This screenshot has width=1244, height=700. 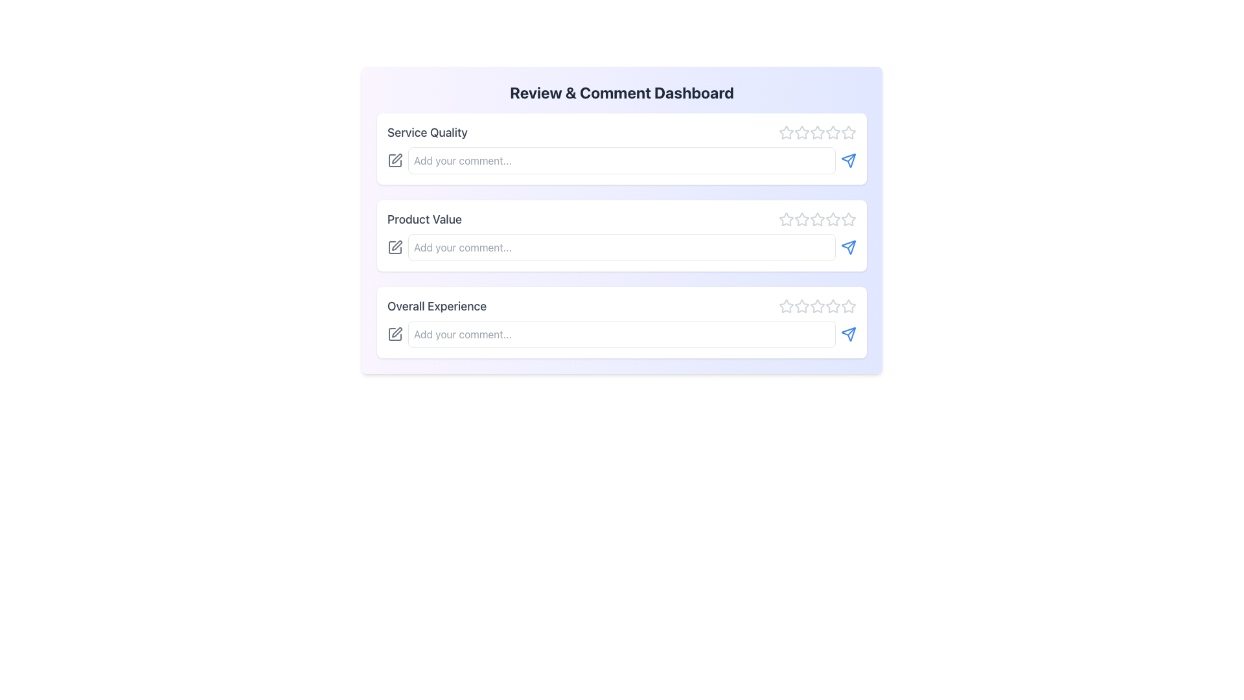 What do you see at coordinates (849, 334) in the screenshot?
I see `the blue paper plane icon button located at the rightmost end of the 'Overall Experience' comment input field for accessibility navigation` at bounding box center [849, 334].